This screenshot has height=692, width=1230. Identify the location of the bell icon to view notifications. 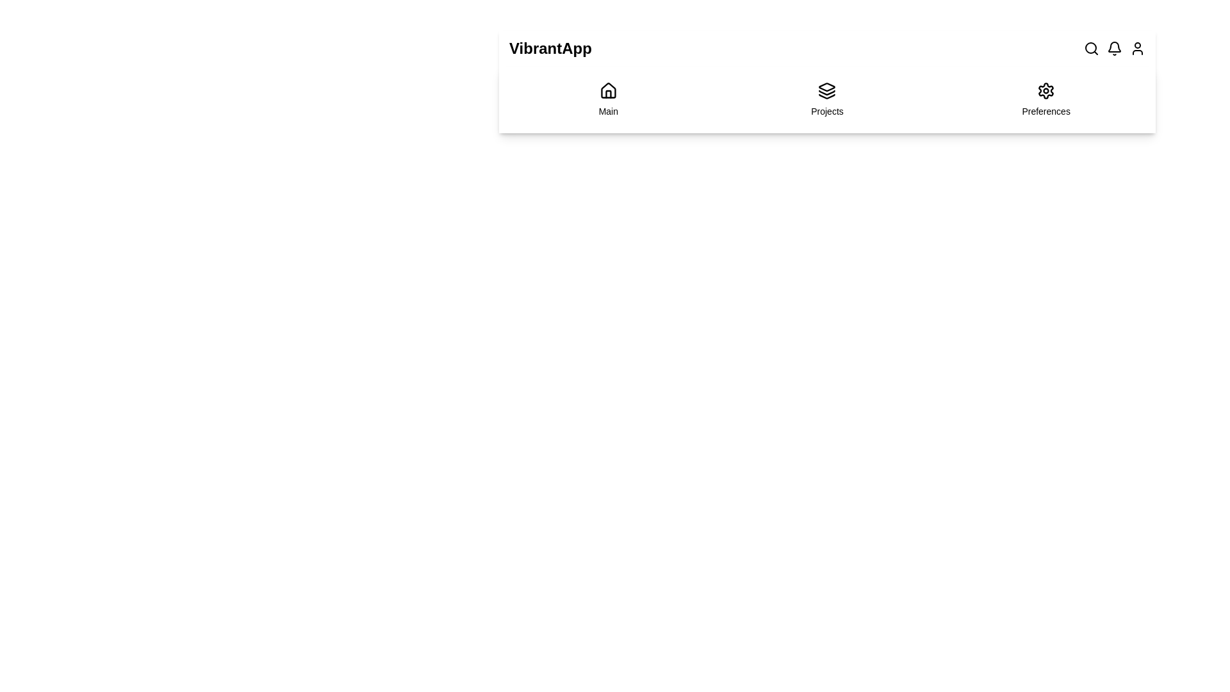
(1113, 48).